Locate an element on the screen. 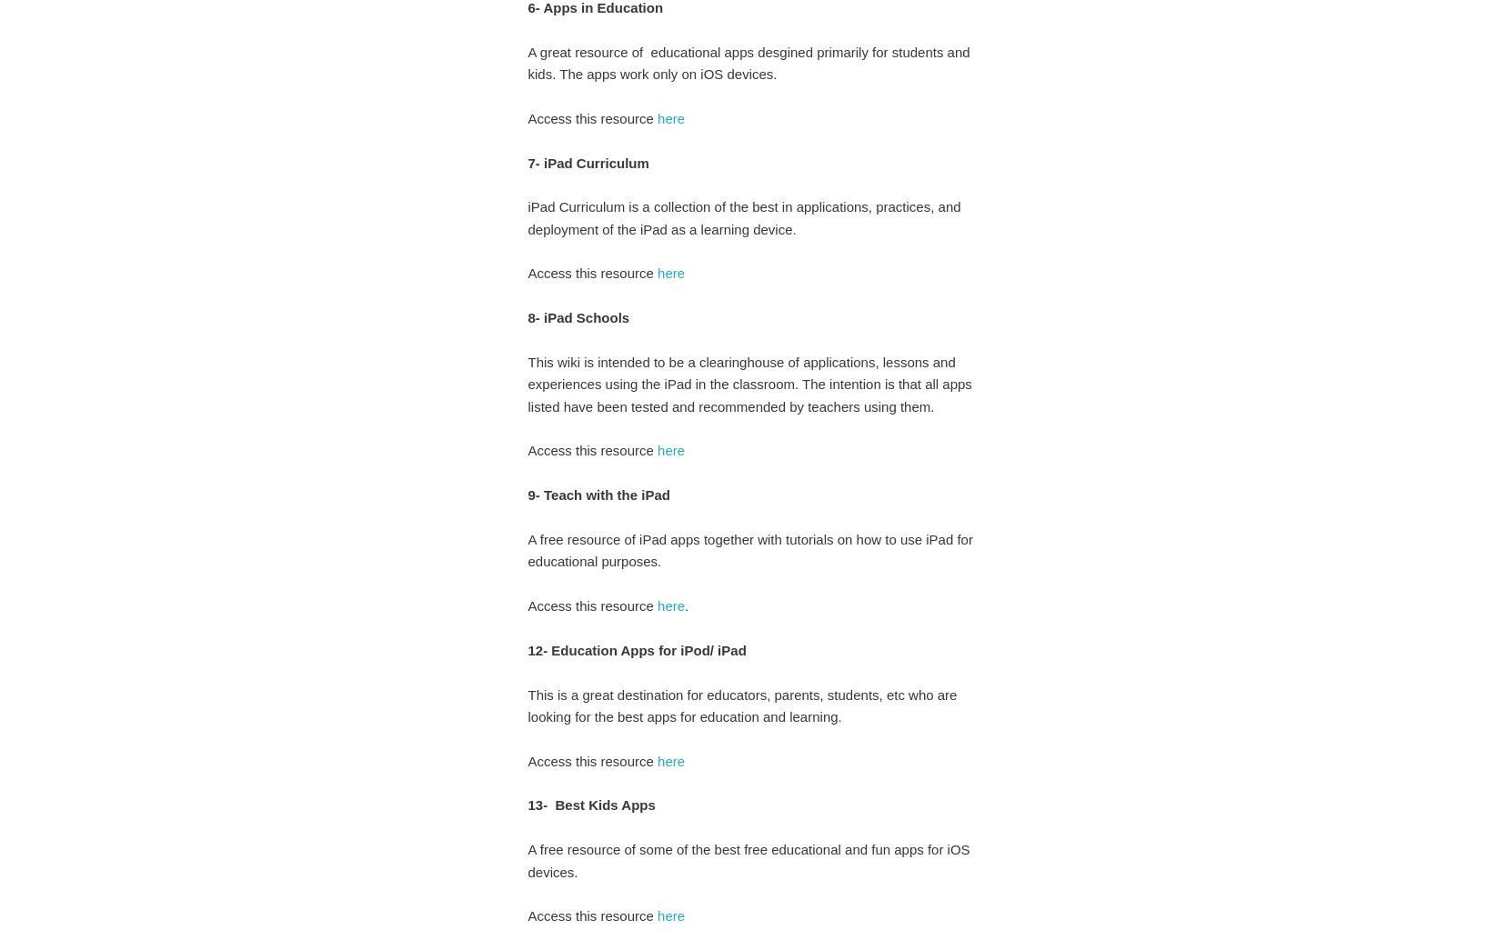 The height and width of the screenshot is (950, 1507). '7- iPad Curriculum' is located at coordinates (527, 162).